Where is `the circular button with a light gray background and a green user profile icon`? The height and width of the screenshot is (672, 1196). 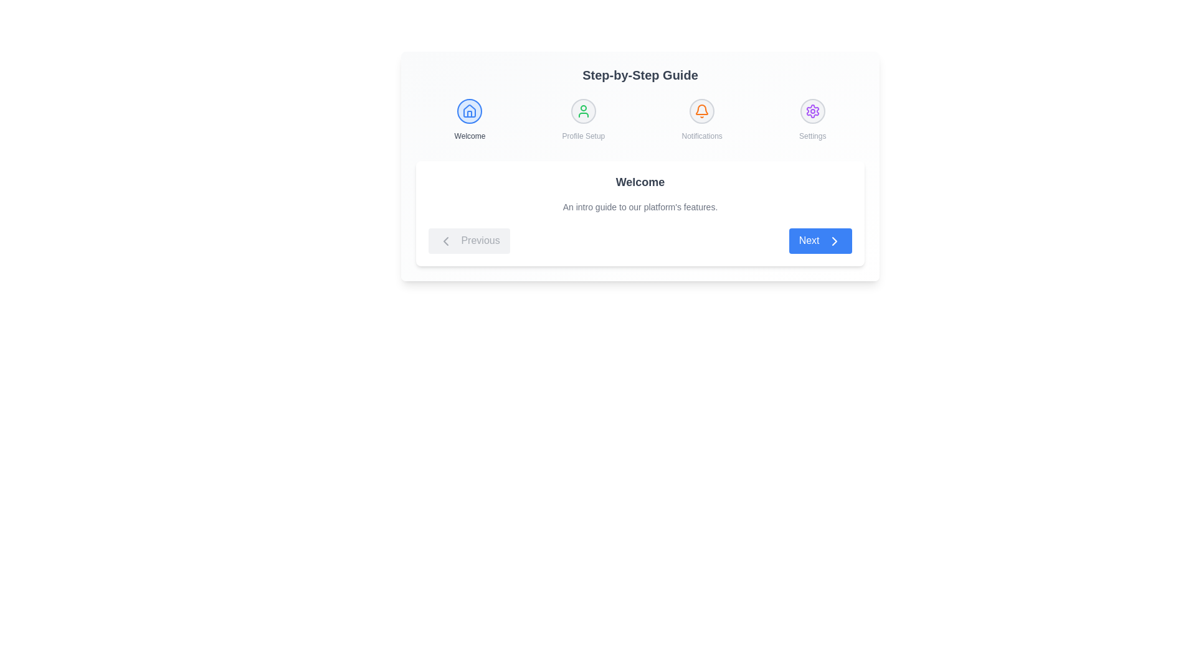
the circular button with a light gray background and a green user profile icon is located at coordinates (582, 110).